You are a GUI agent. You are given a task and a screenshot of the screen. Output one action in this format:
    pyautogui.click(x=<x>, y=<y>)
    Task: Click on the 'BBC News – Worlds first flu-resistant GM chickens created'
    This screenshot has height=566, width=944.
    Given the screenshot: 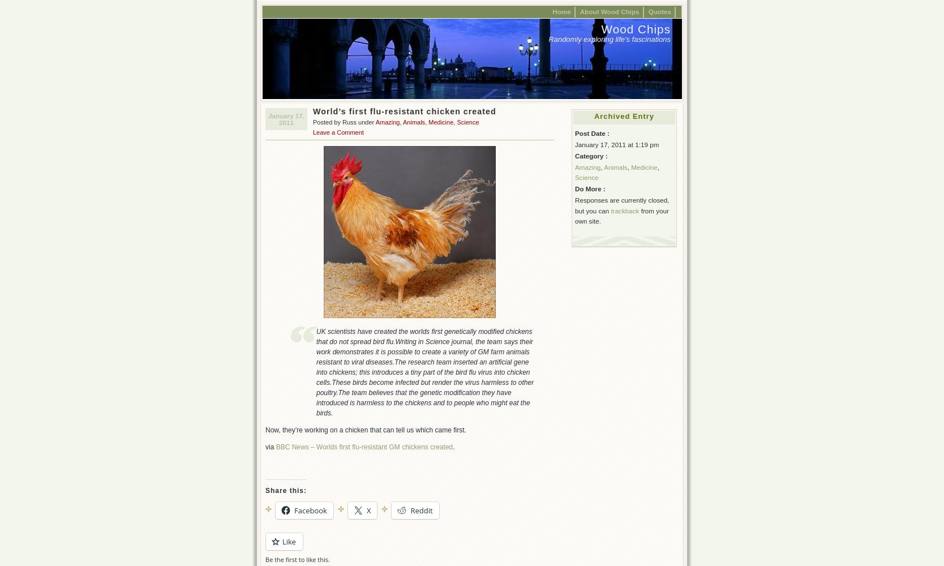 What is the action you would take?
    pyautogui.click(x=363, y=447)
    